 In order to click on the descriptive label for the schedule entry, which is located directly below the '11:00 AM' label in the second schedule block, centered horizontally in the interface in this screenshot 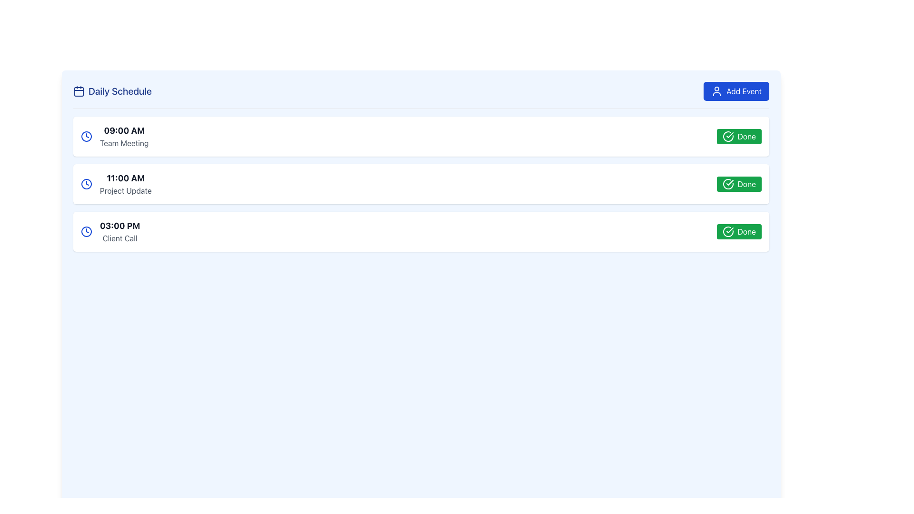, I will do `click(125, 191)`.